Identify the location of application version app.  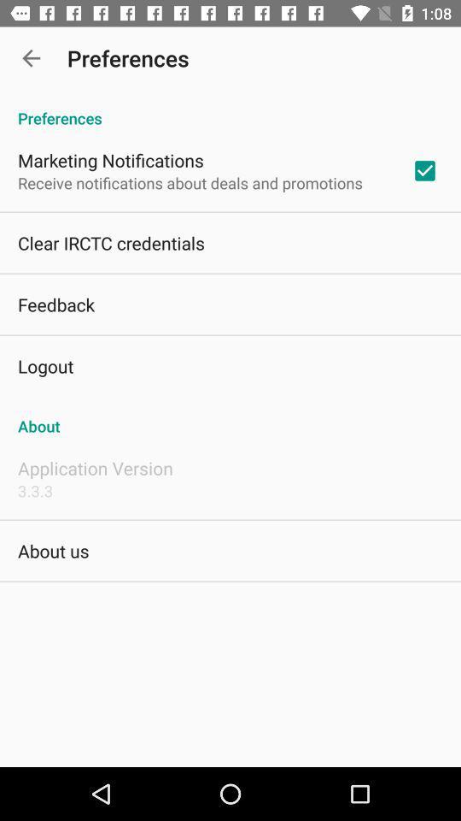
(95, 468).